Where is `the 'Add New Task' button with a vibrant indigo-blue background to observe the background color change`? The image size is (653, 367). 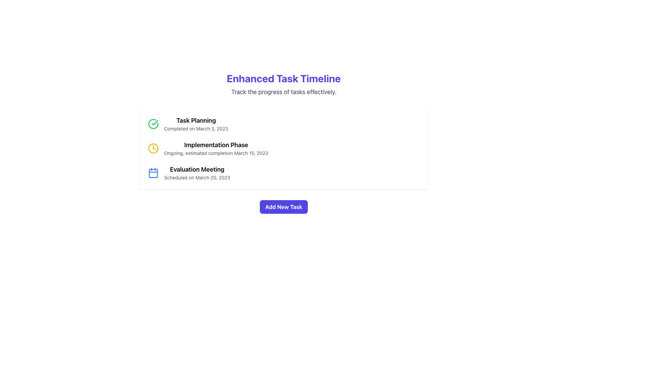
the 'Add New Task' button with a vibrant indigo-blue background to observe the background color change is located at coordinates (284, 207).